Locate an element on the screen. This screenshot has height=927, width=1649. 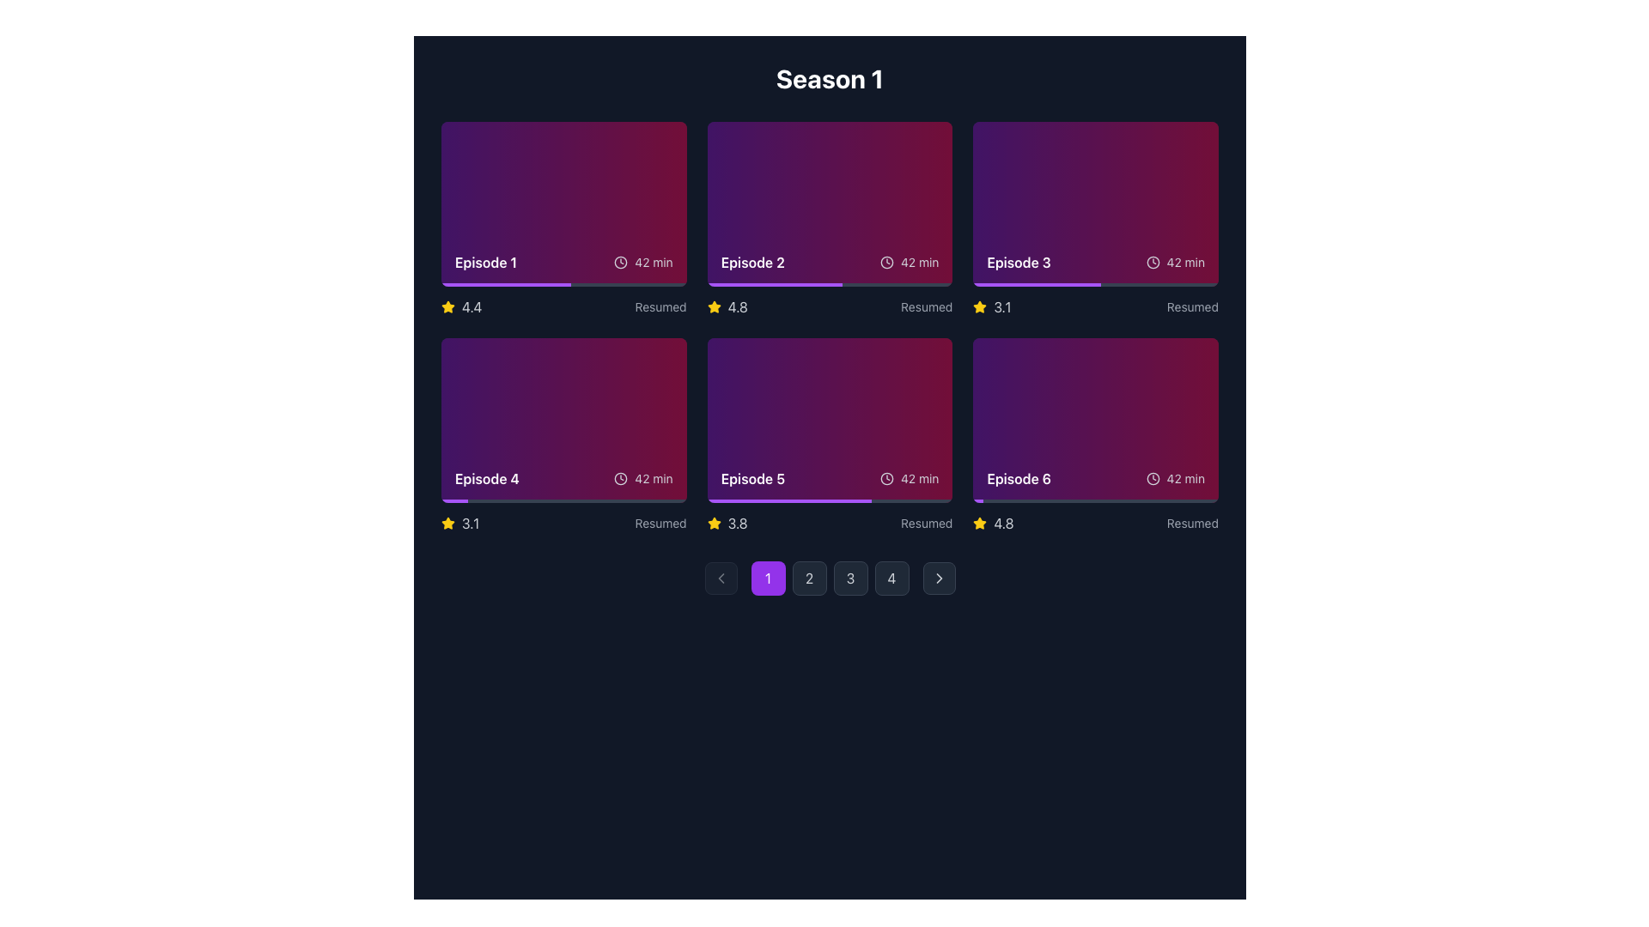
the episode number label text located in the lower-left quadrant of the third card in the second row of the grid is located at coordinates (486, 479).